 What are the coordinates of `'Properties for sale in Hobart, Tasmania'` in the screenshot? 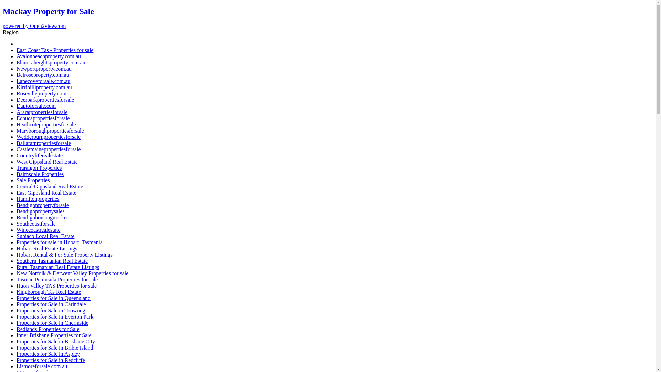 It's located at (59, 242).